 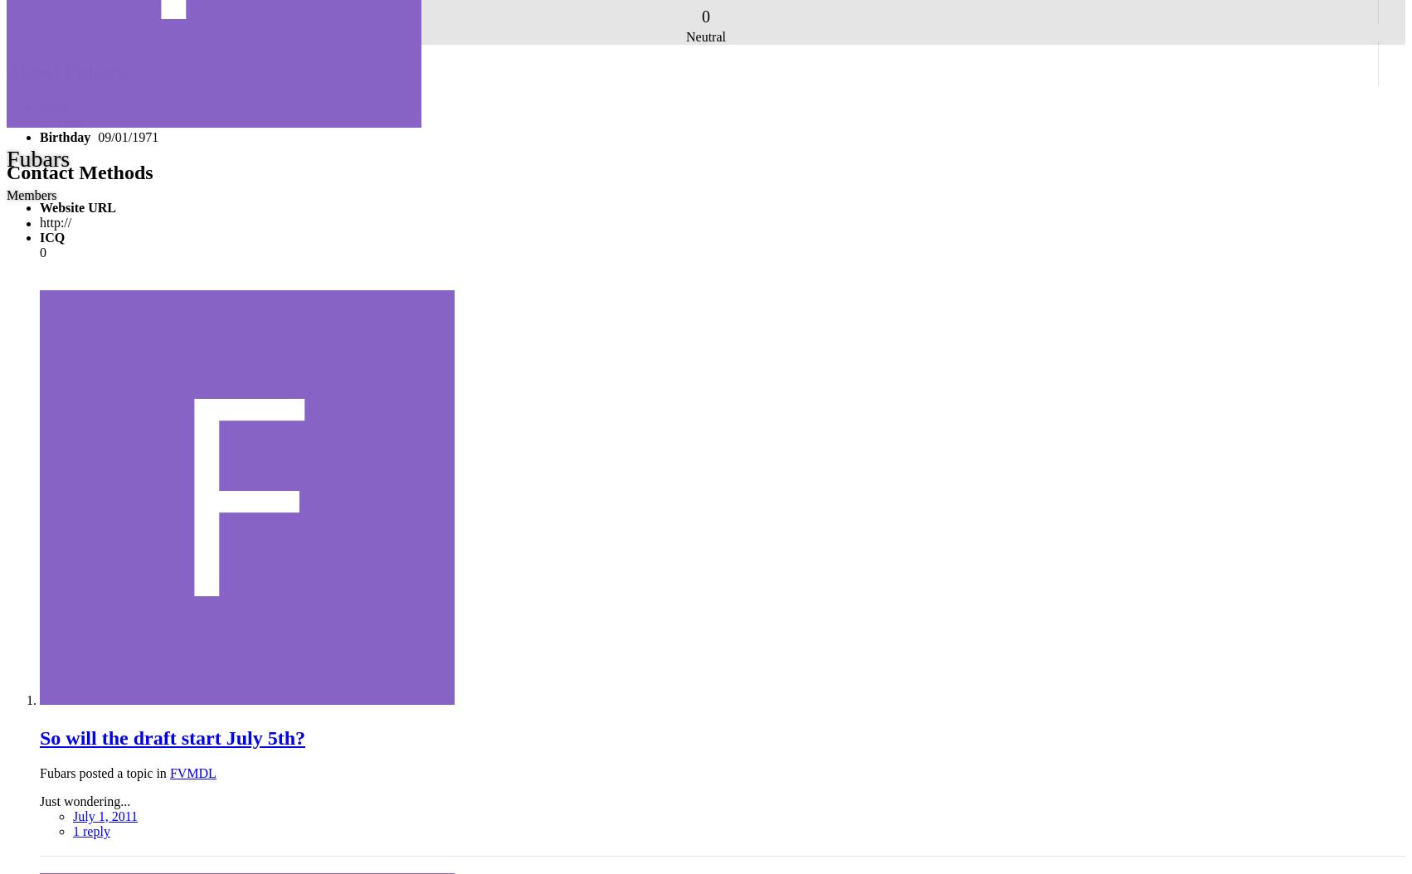 I want to click on 'July 1, 2011', so click(x=72, y=815).